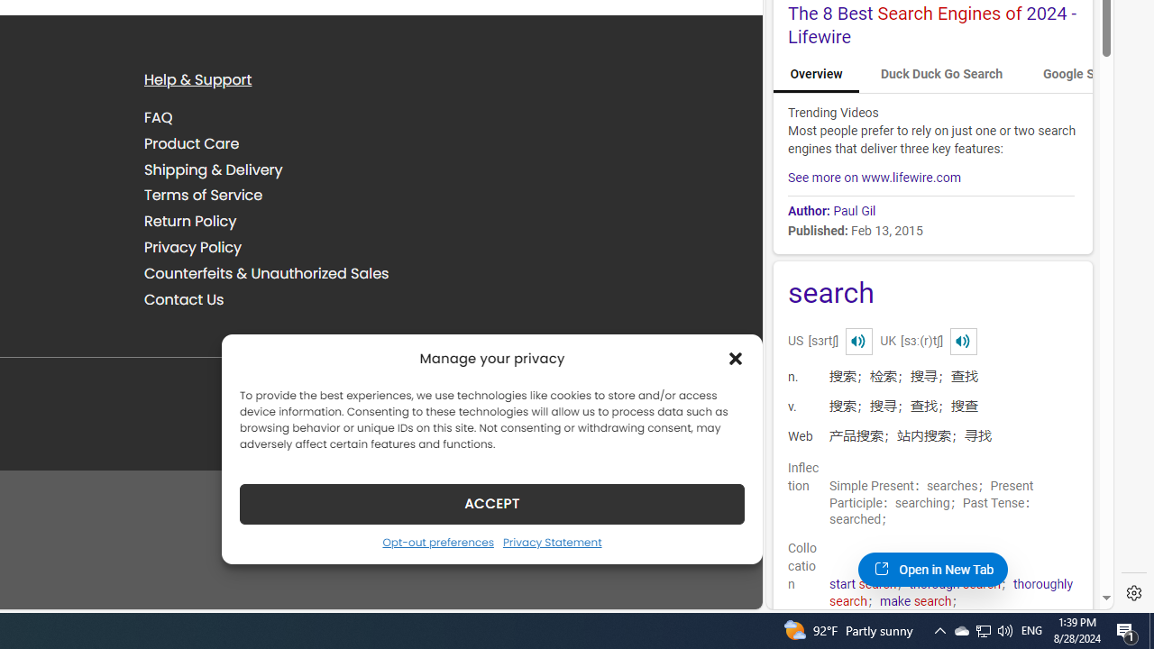 The width and height of the screenshot is (1154, 649). I want to click on 'Product Care', so click(192, 142).